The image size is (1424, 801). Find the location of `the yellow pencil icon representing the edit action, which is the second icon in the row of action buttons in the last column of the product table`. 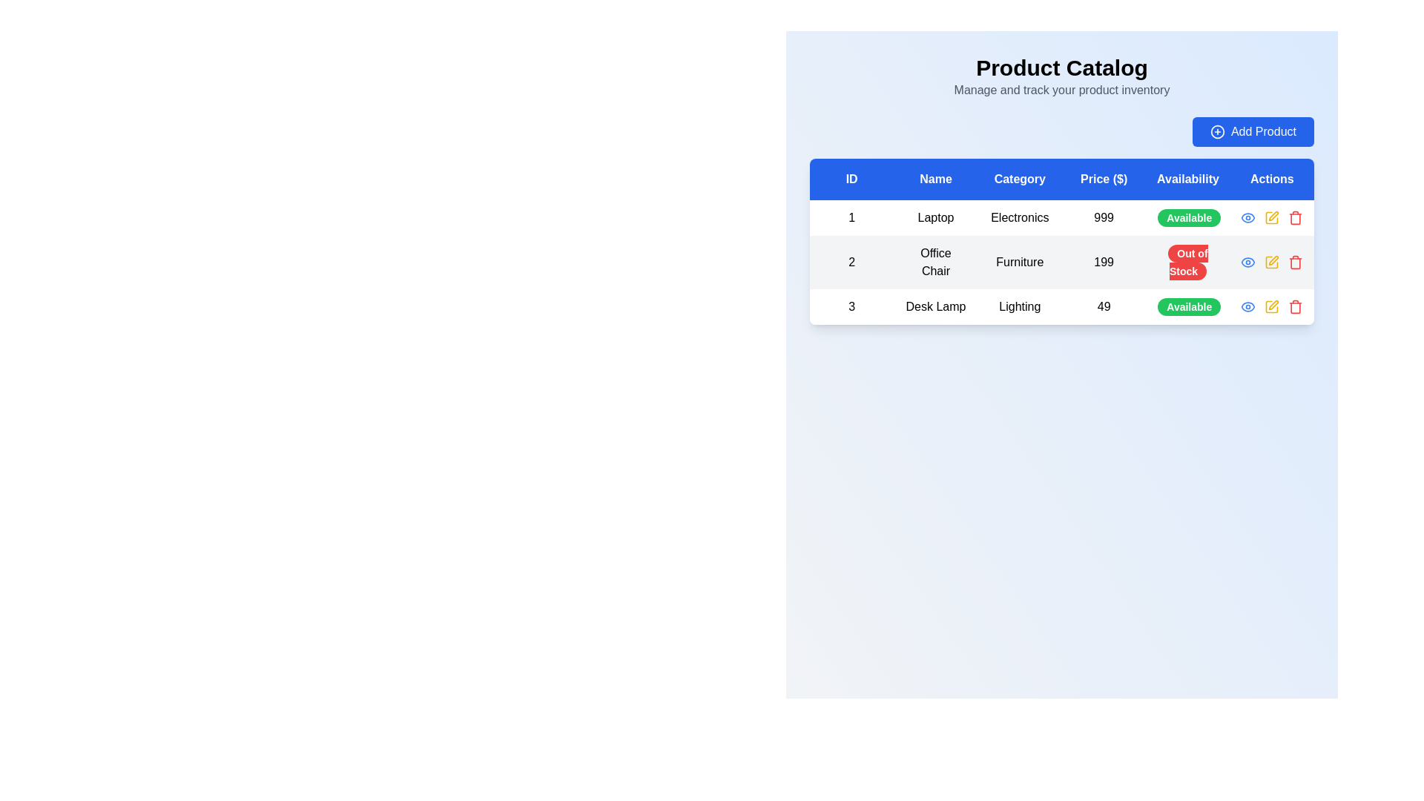

the yellow pencil icon representing the edit action, which is the second icon in the row of action buttons in the last column of the product table is located at coordinates (1271, 217).